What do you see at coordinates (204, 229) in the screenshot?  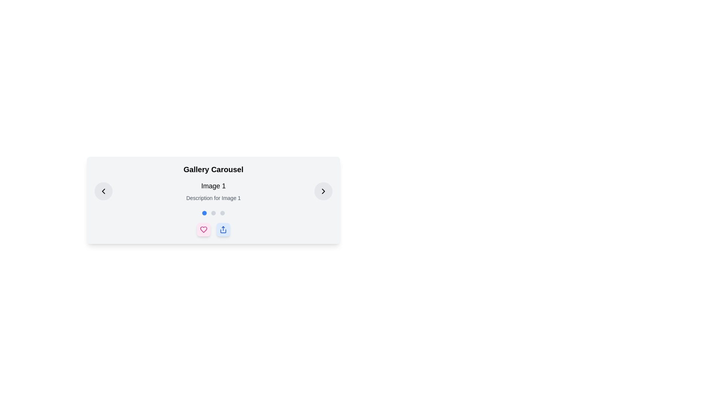 I see `the heart-shaped icon filled with pink color located at the bottom section of the interface` at bounding box center [204, 229].